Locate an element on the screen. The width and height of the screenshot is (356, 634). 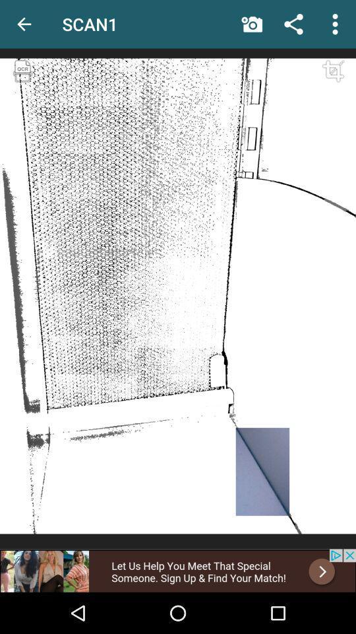
the option on the top right corner is located at coordinates (335, 23).